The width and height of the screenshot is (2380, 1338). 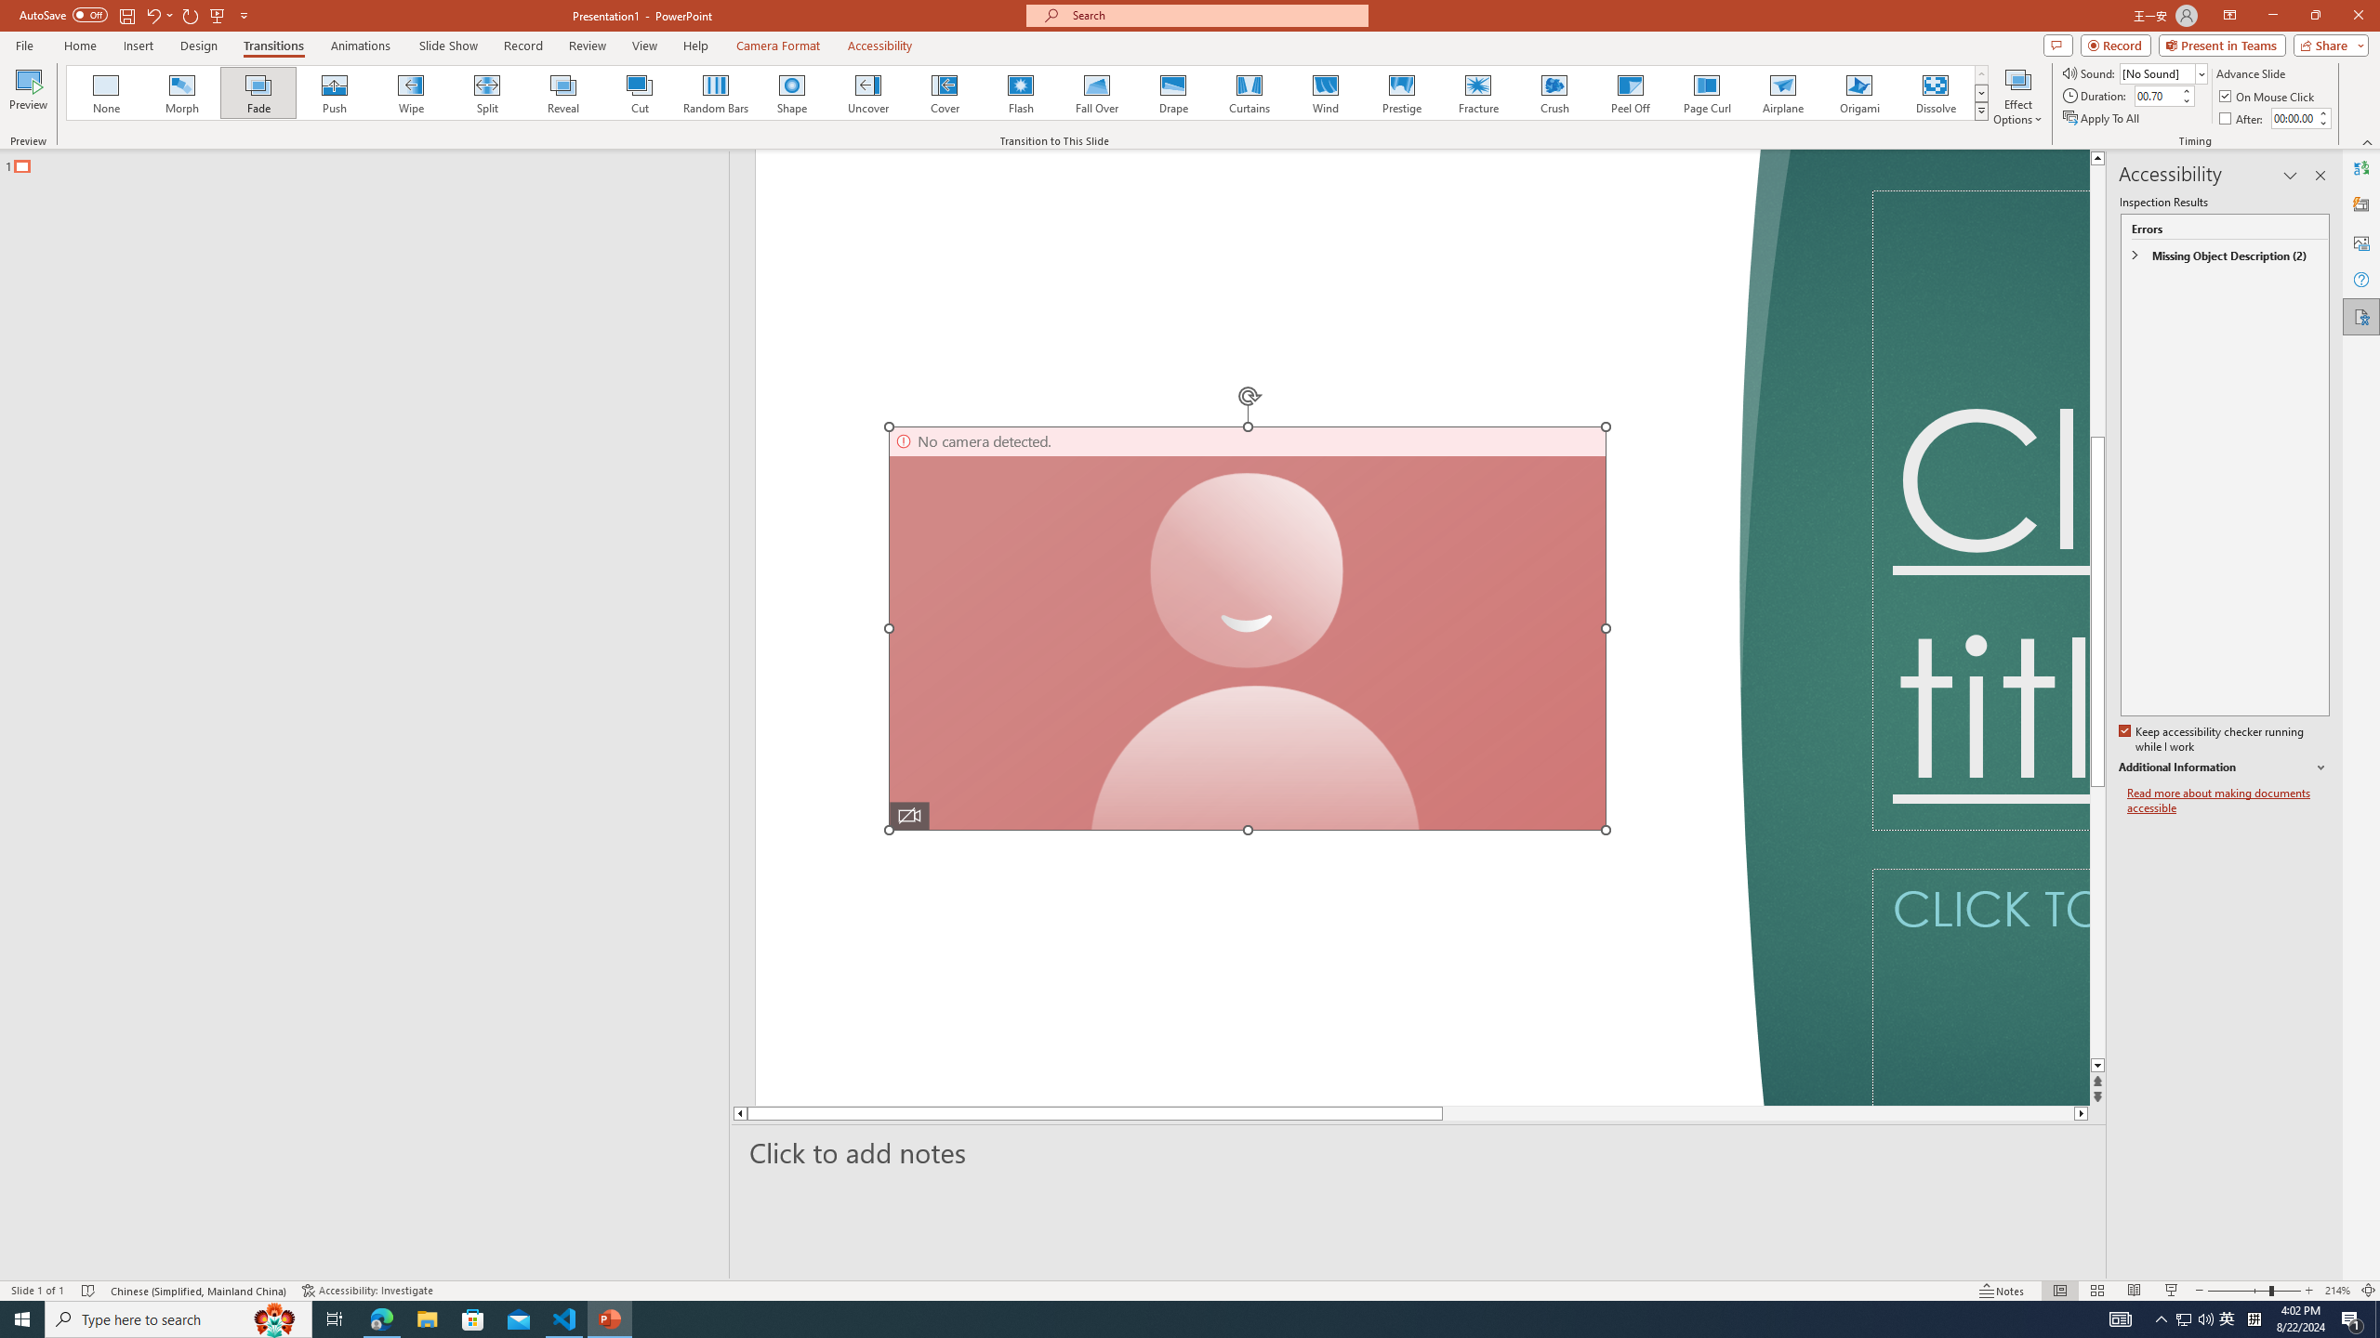 I want to click on 'Cut', so click(x=640, y=92).